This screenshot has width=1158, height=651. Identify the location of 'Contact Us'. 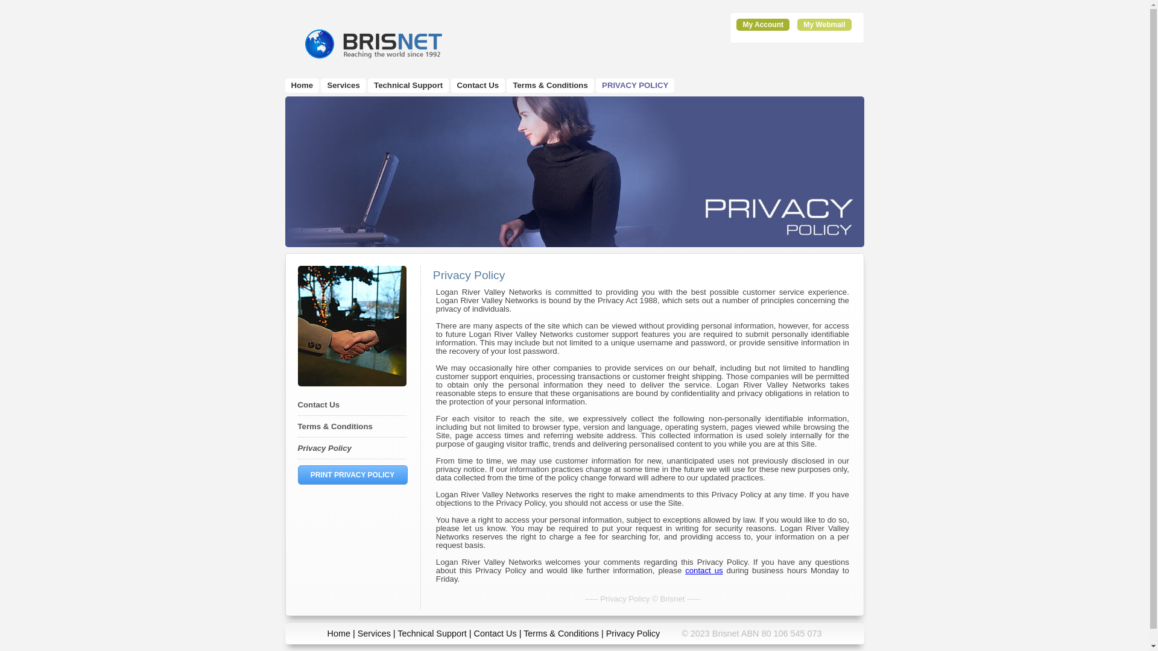
(318, 404).